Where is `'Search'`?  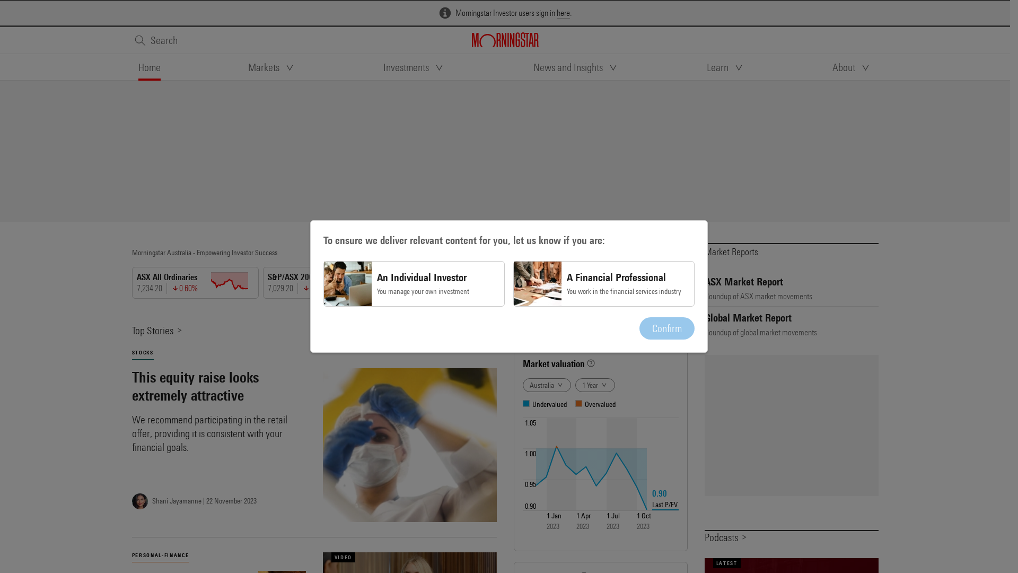 'Search' is located at coordinates (154, 40).